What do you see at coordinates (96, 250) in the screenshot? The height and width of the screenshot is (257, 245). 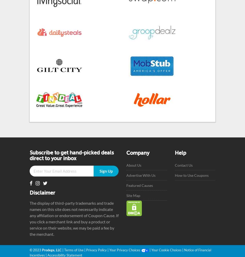 I see `'Privacy Policy'` at bounding box center [96, 250].